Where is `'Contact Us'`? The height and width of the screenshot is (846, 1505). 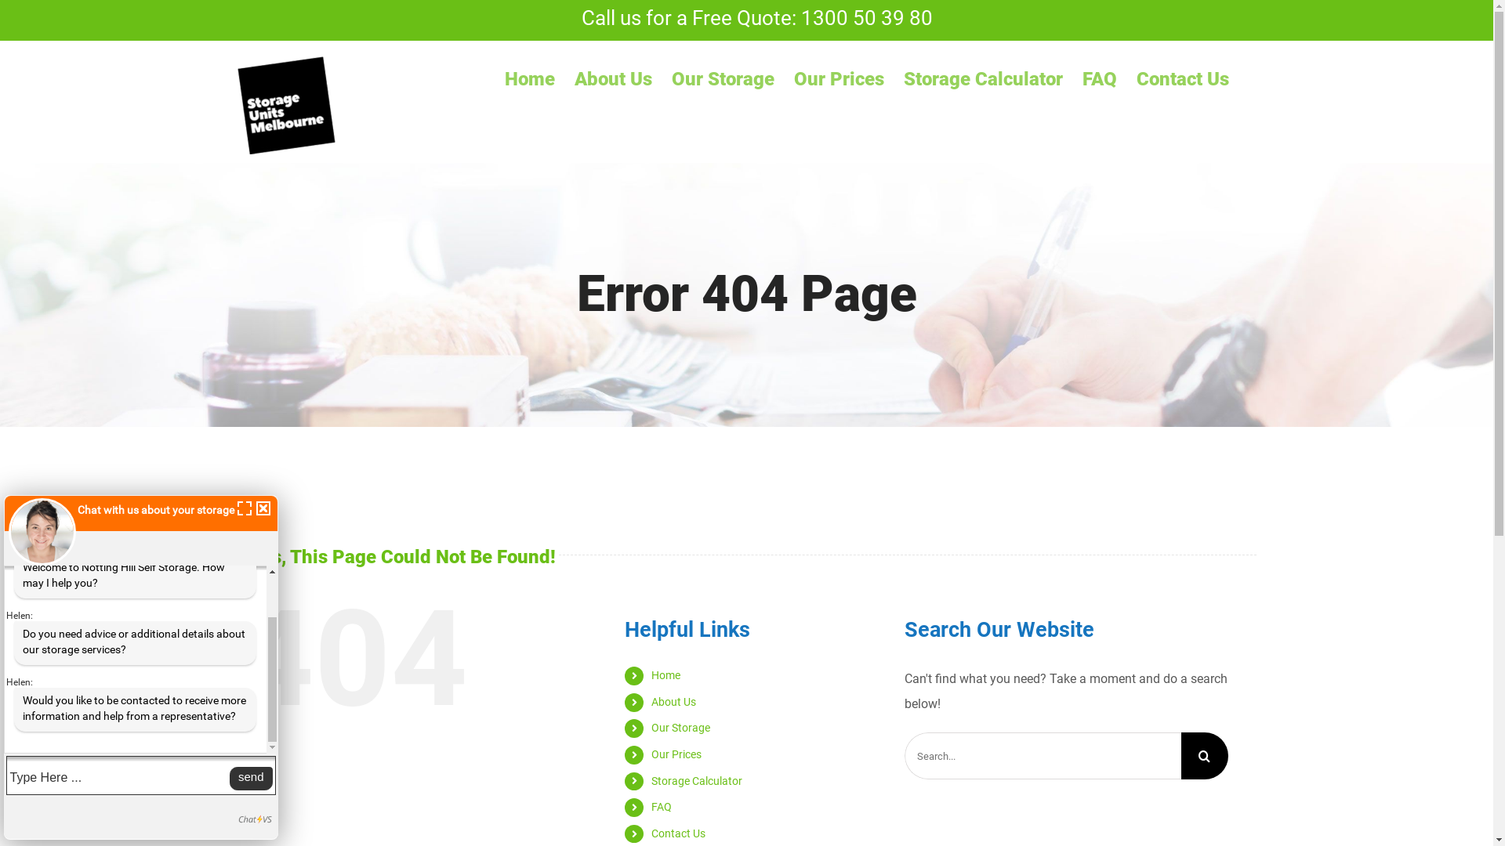
'Contact Us' is located at coordinates (678, 833).